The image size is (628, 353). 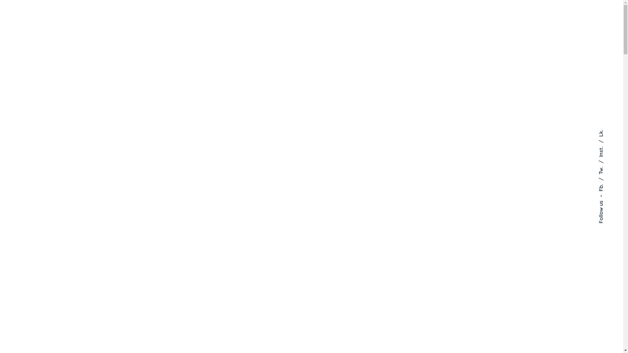 I want to click on 'Tw.', so click(x=604, y=163).